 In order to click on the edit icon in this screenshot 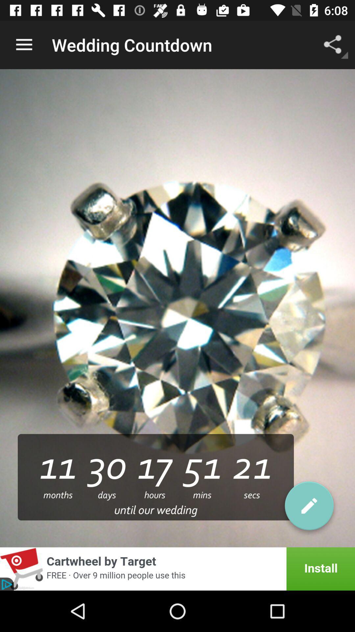, I will do `click(309, 508)`.